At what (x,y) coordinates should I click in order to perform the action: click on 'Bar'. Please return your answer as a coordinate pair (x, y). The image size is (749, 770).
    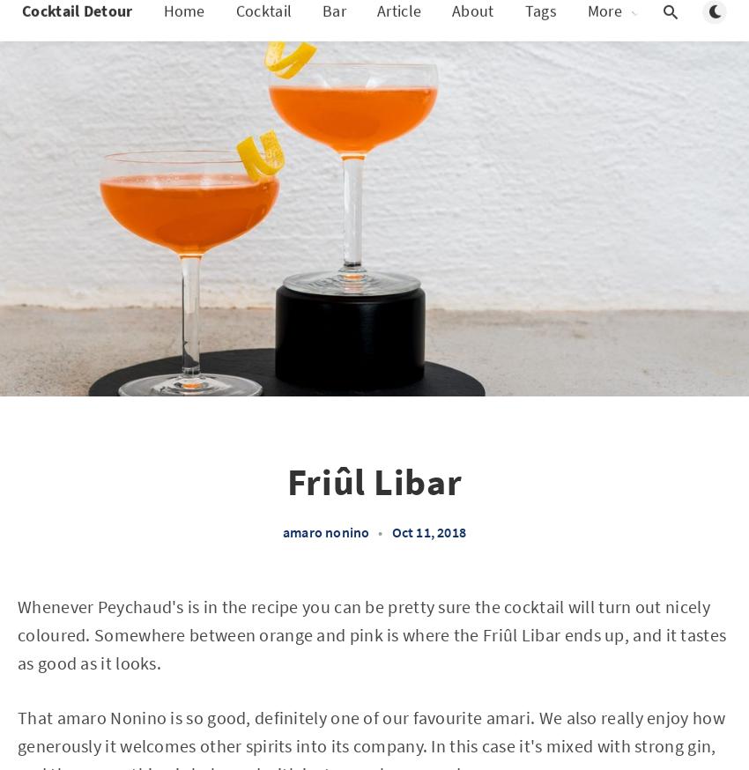
    Looking at the image, I should click on (333, 27).